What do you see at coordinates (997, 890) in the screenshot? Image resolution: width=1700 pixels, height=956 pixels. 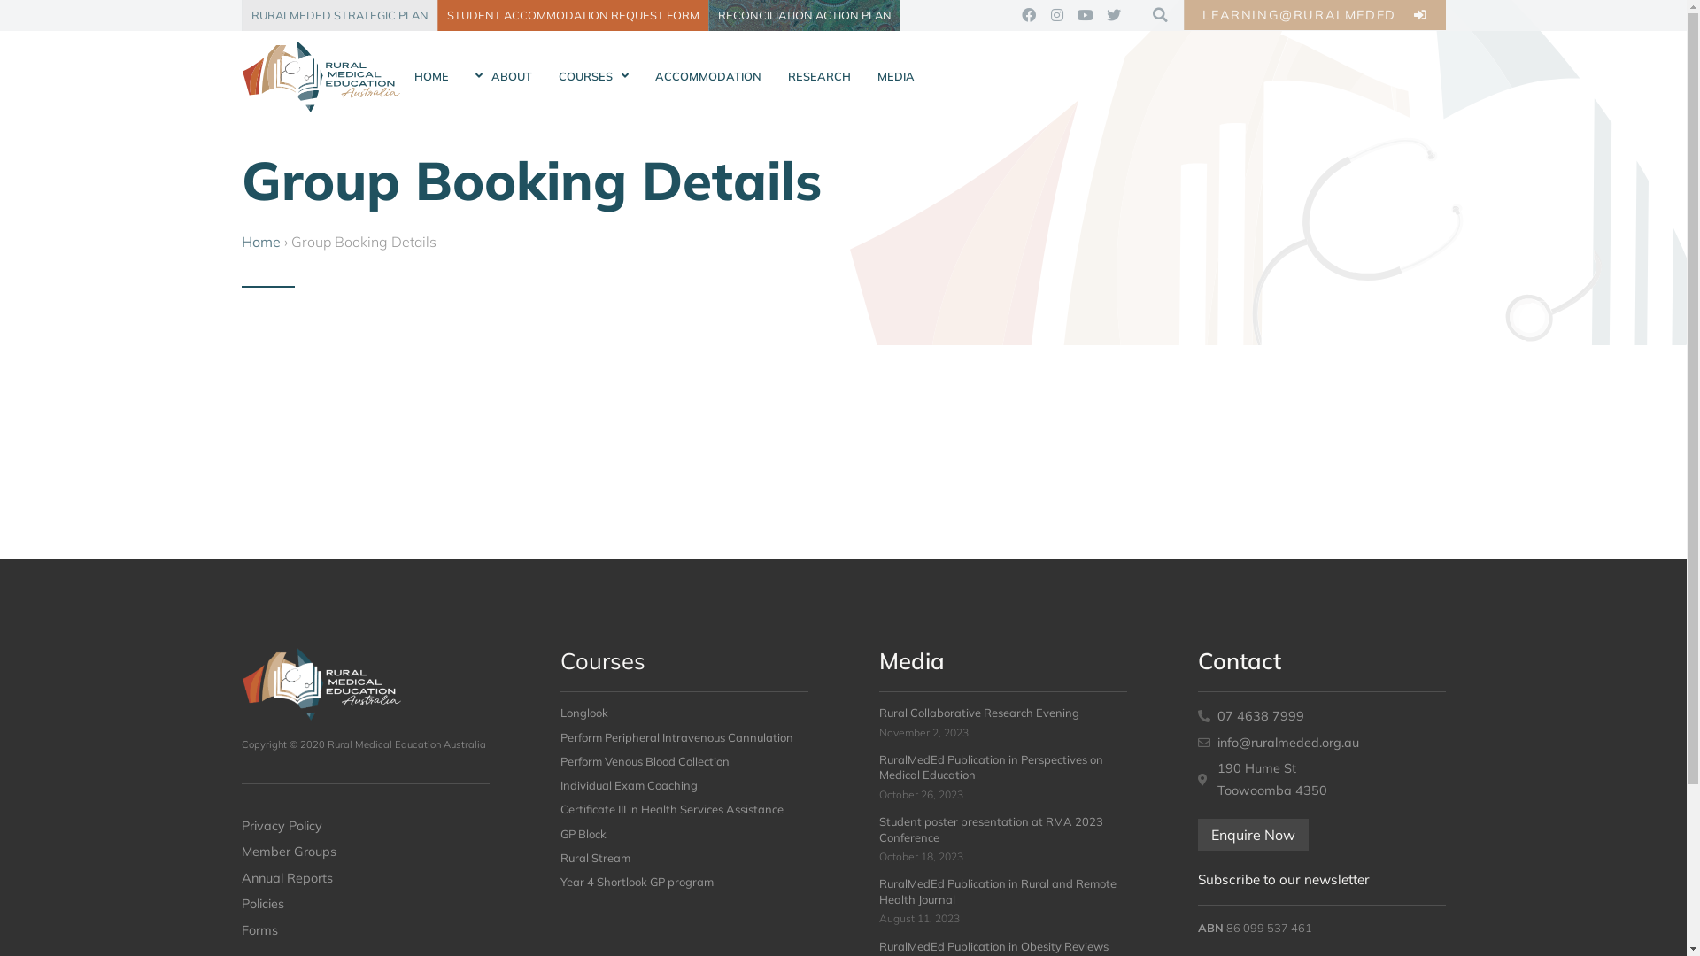 I see `'RuralMedEd Publication in Rural and Remote Health Journal'` at bounding box center [997, 890].